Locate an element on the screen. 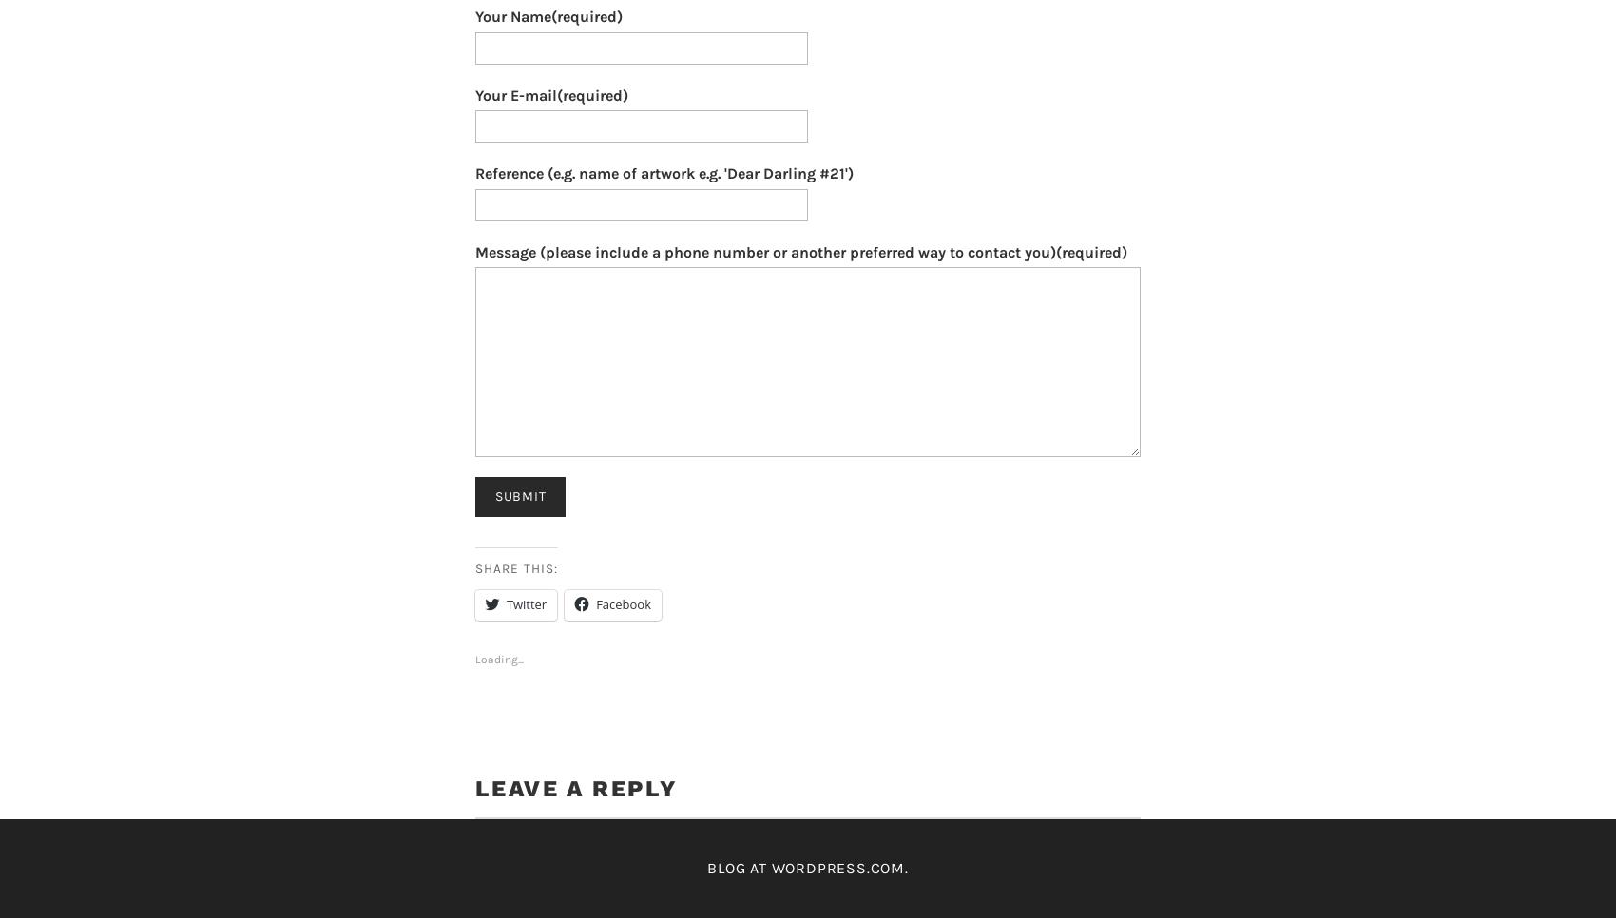 The image size is (1616, 918). 'Reference (e.g. name of artwork e.g. 'Dear Darling #21')' is located at coordinates (664, 173).